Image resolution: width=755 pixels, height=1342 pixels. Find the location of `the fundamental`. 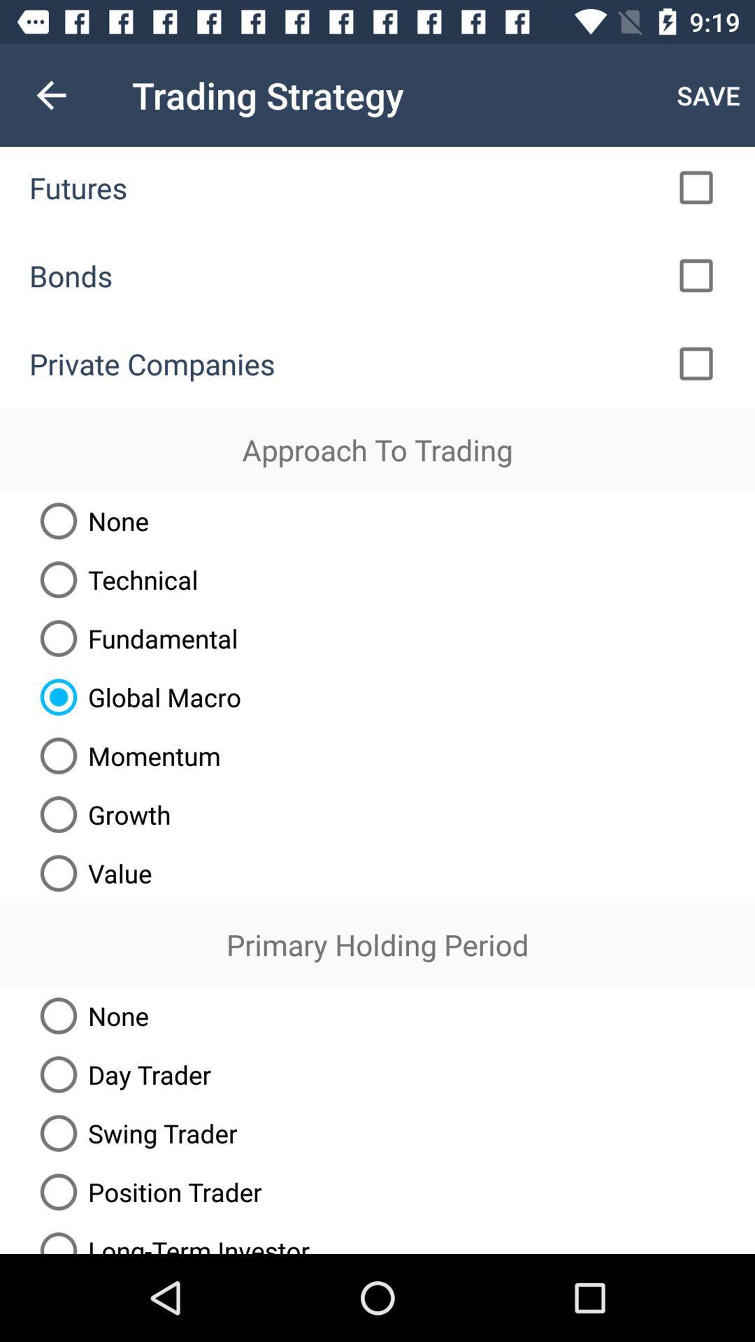

the fundamental is located at coordinates (134, 637).